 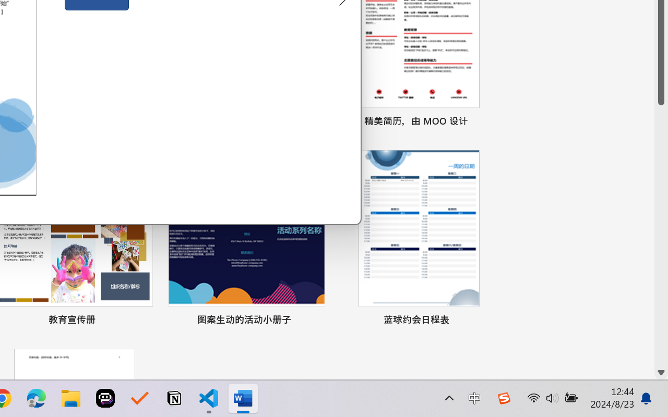 I want to click on 'Pin to list', so click(x=487, y=321).